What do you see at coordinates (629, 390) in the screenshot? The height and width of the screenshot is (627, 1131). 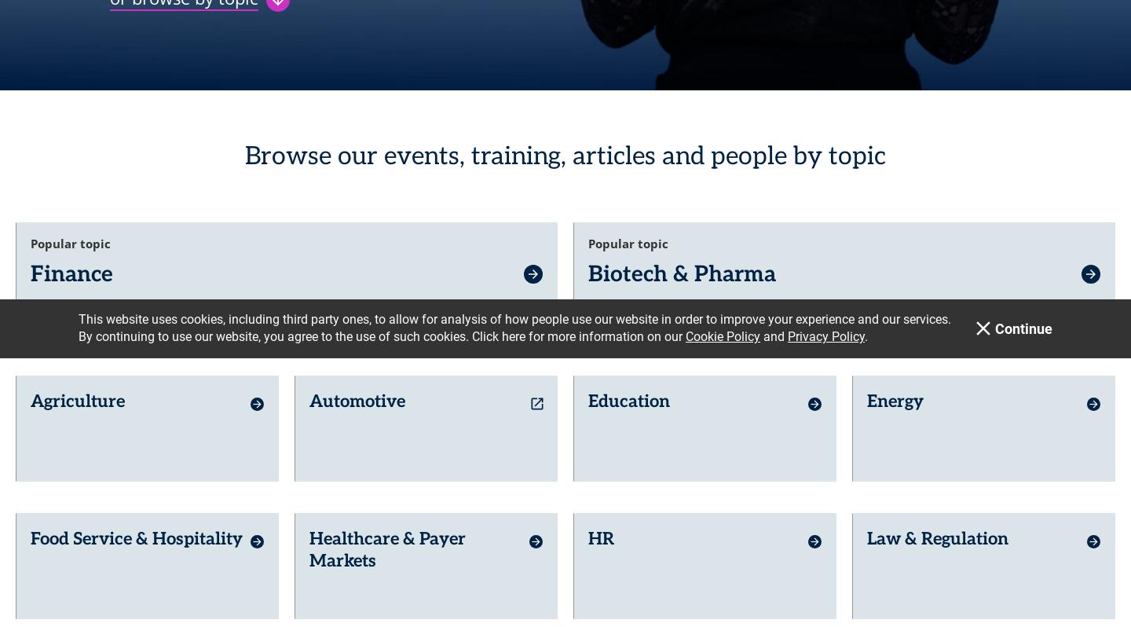 I see `'Education'` at bounding box center [629, 390].